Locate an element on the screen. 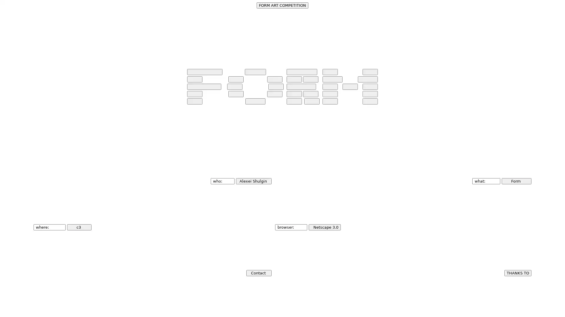 The width and height of the screenshot is (565, 317). Alexei Shulgin is located at coordinates (253, 181).